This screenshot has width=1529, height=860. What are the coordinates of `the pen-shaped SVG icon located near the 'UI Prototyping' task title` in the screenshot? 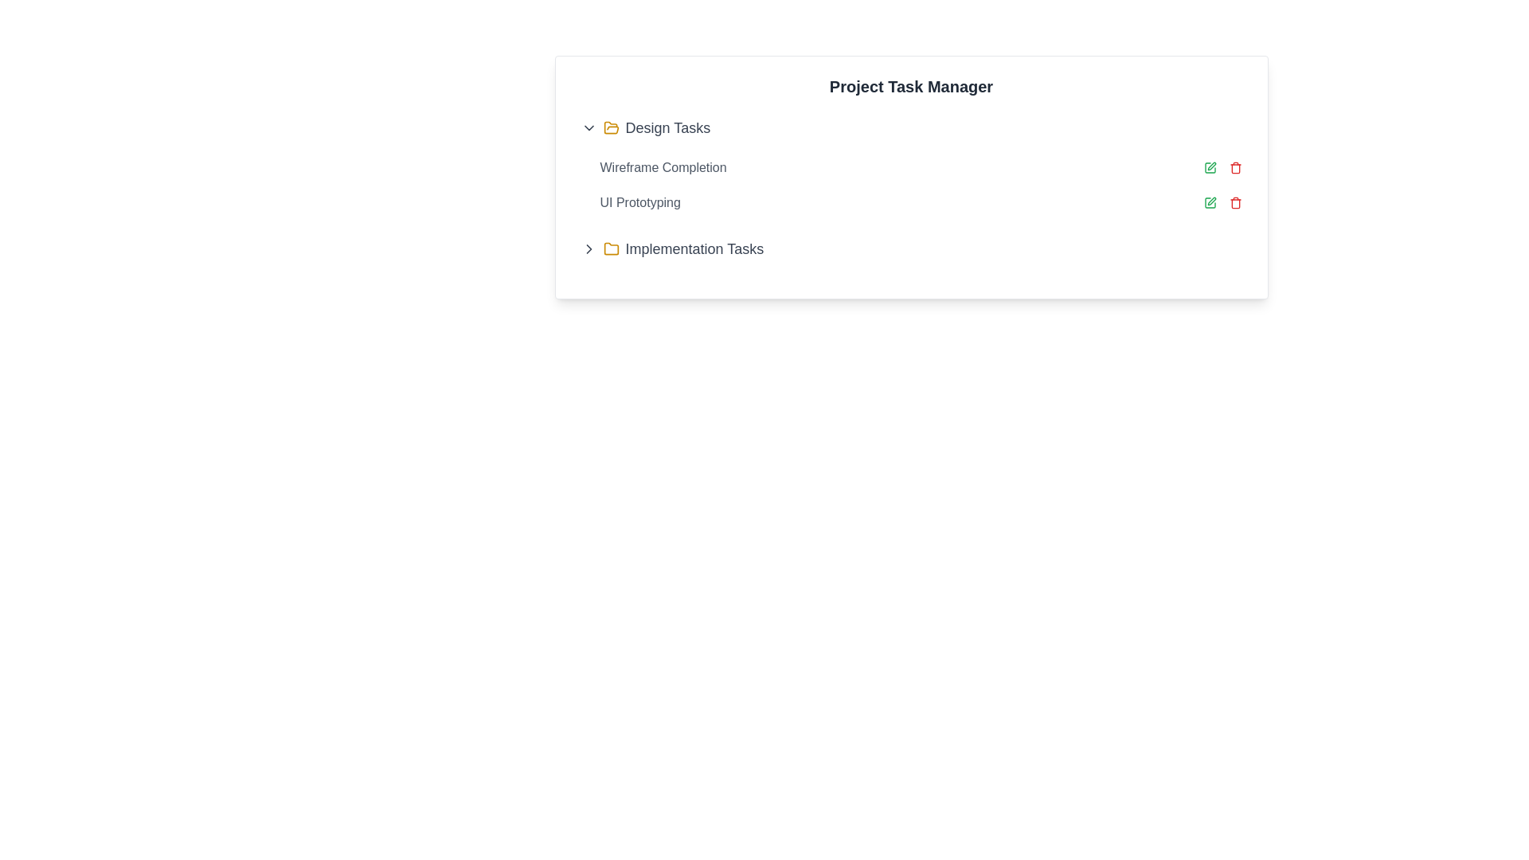 It's located at (1210, 166).